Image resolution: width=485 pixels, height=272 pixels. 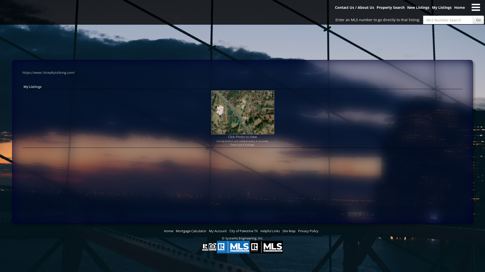 What do you see at coordinates (289, 231) in the screenshot?
I see `'Site Map'` at bounding box center [289, 231].